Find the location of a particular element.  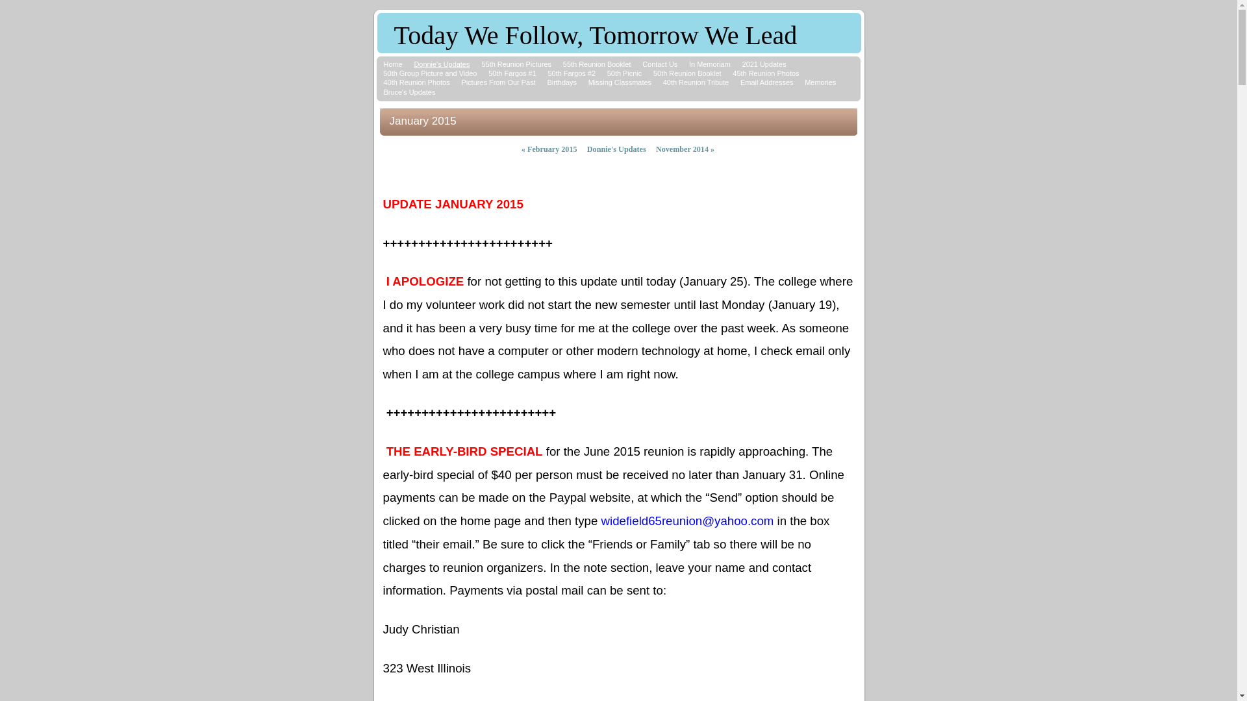

'50th Picnic' is located at coordinates (624, 73).